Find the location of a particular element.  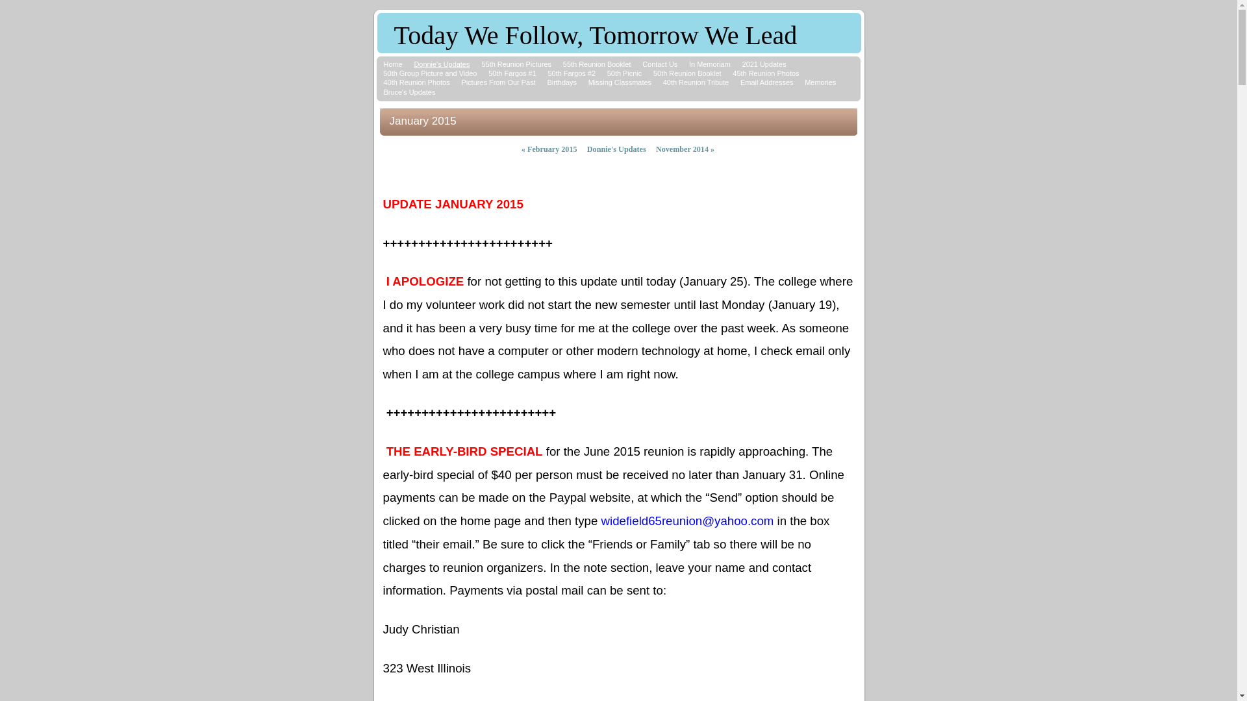

'50th Picnic' is located at coordinates (624, 73).